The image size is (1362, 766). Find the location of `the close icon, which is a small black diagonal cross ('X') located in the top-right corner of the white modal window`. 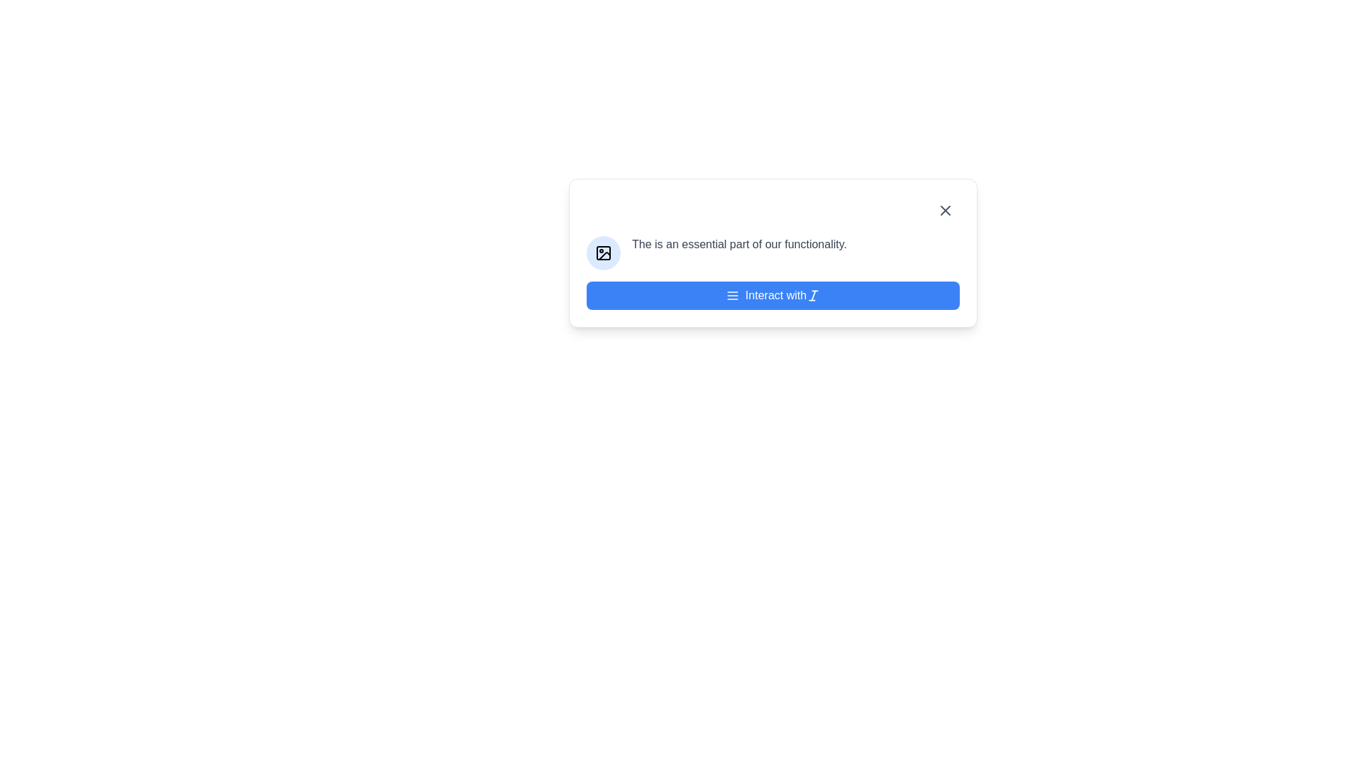

the close icon, which is a small black diagonal cross ('X') located in the top-right corner of the white modal window is located at coordinates (946, 211).